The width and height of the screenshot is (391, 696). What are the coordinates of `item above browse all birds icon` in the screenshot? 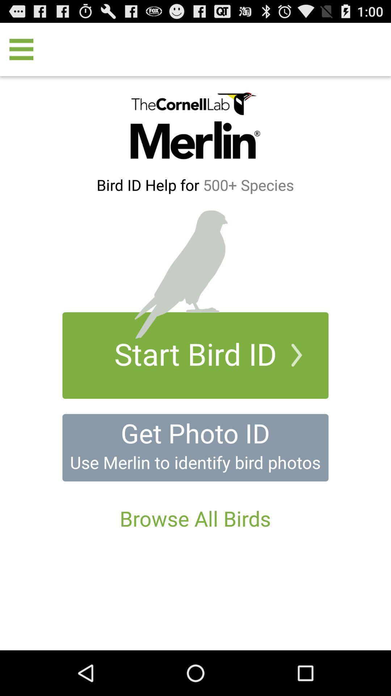 It's located at (195, 447).